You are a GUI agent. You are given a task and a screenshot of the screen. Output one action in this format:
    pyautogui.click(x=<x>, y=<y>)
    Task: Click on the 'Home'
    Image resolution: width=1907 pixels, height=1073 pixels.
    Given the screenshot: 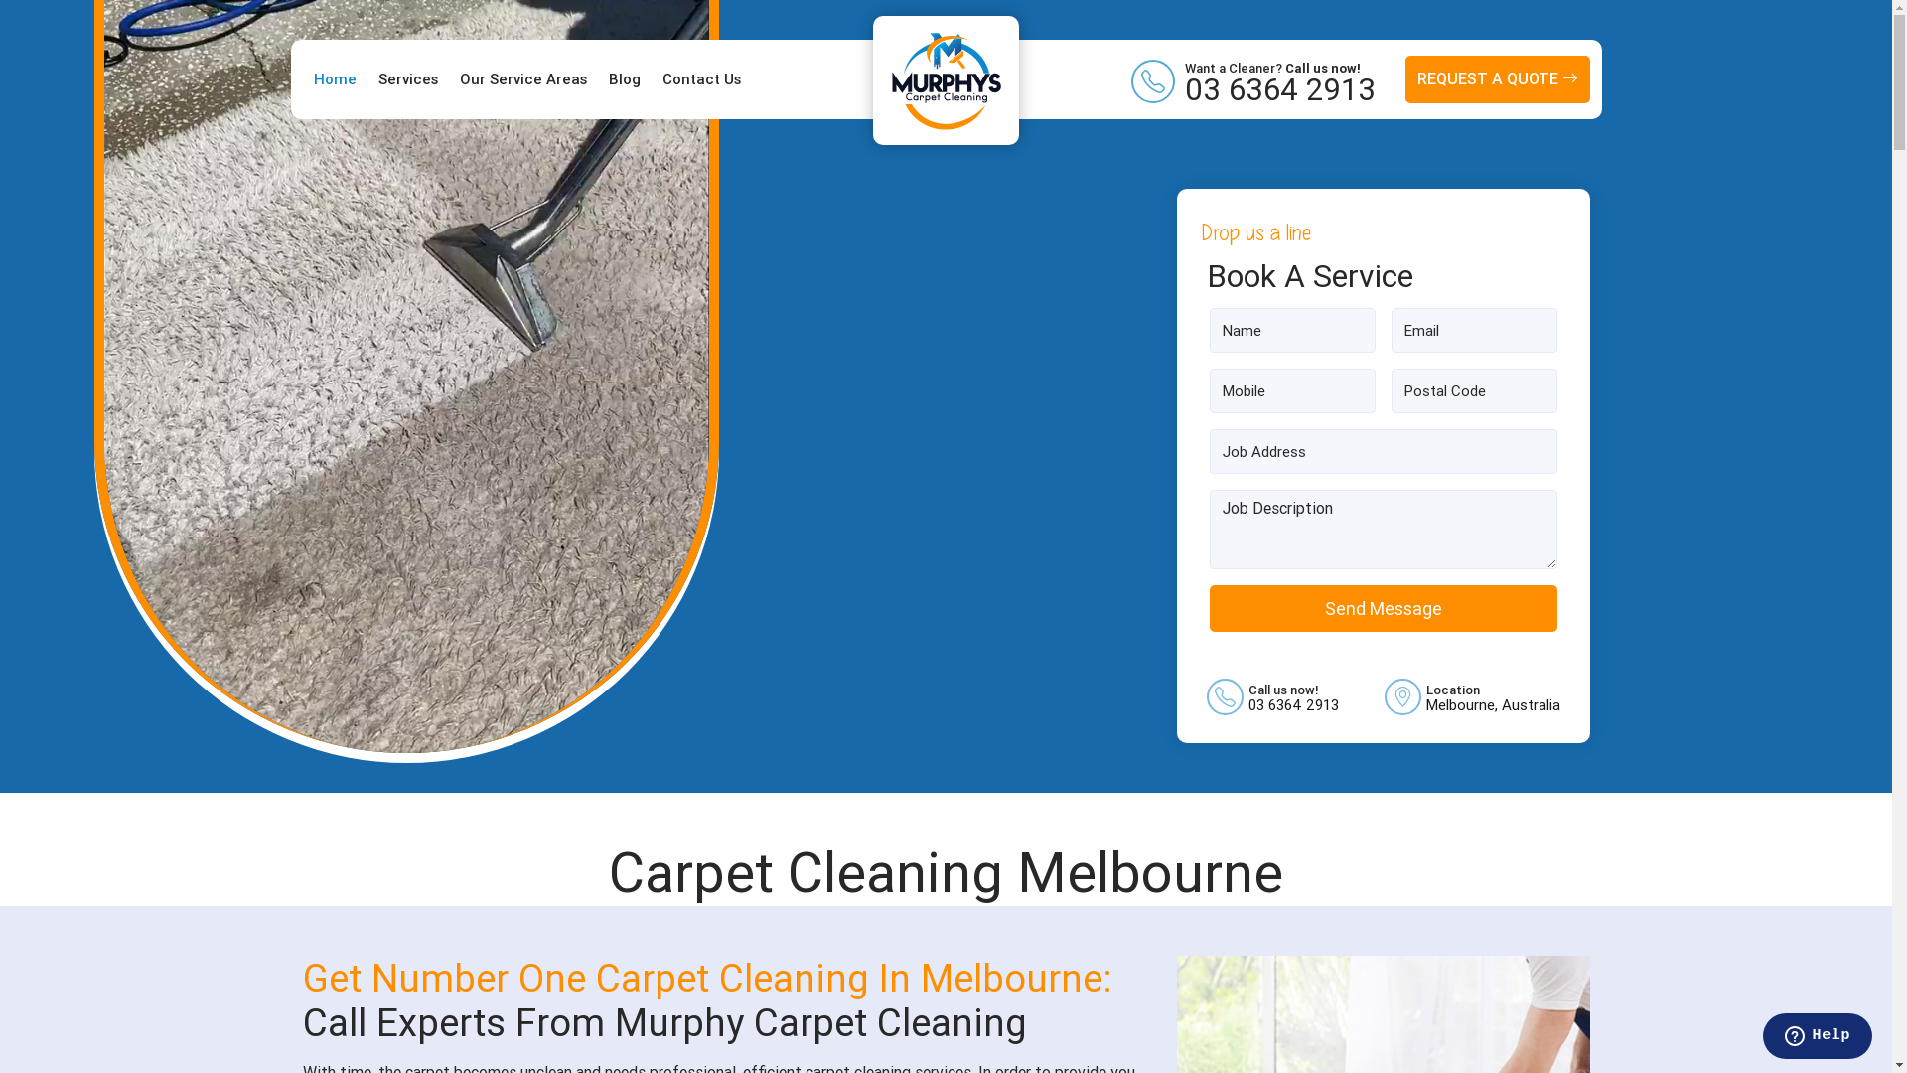 What is the action you would take?
    pyautogui.click(x=335, y=78)
    